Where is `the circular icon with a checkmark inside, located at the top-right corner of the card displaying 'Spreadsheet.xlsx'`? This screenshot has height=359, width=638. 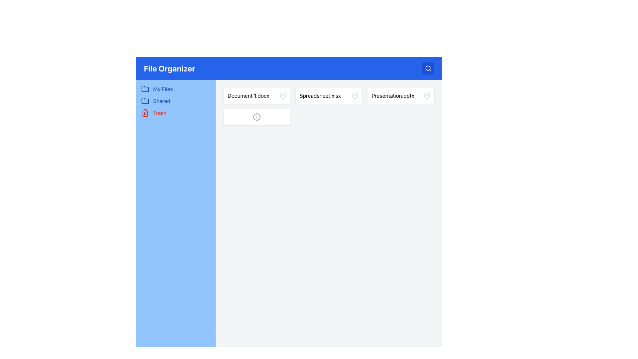 the circular icon with a checkmark inside, located at the top-right corner of the card displaying 'Spreadsheet.xlsx' is located at coordinates (355, 96).